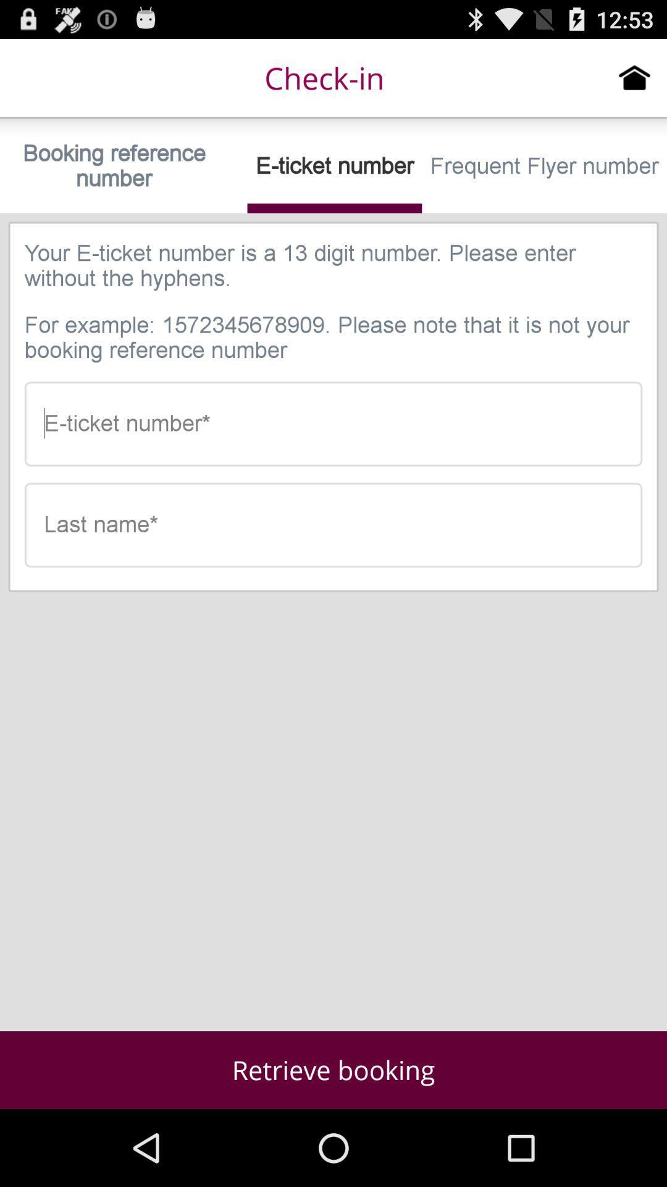 The width and height of the screenshot is (667, 1187). Describe the element at coordinates (333, 525) in the screenshot. I see `text field` at that location.